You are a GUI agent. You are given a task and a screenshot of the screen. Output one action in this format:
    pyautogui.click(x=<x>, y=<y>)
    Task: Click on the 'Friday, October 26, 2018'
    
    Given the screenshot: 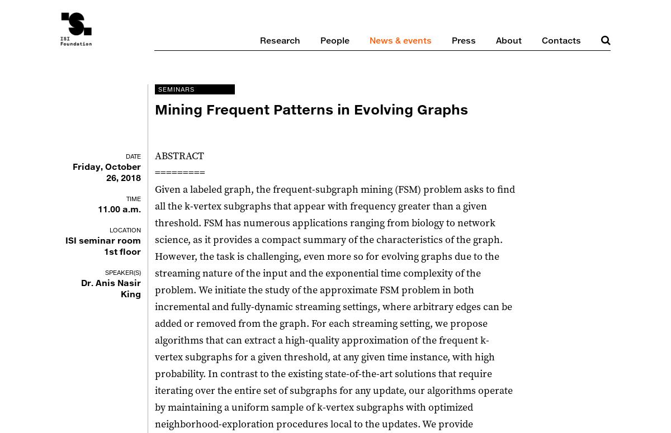 What is the action you would take?
    pyautogui.click(x=106, y=171)
    